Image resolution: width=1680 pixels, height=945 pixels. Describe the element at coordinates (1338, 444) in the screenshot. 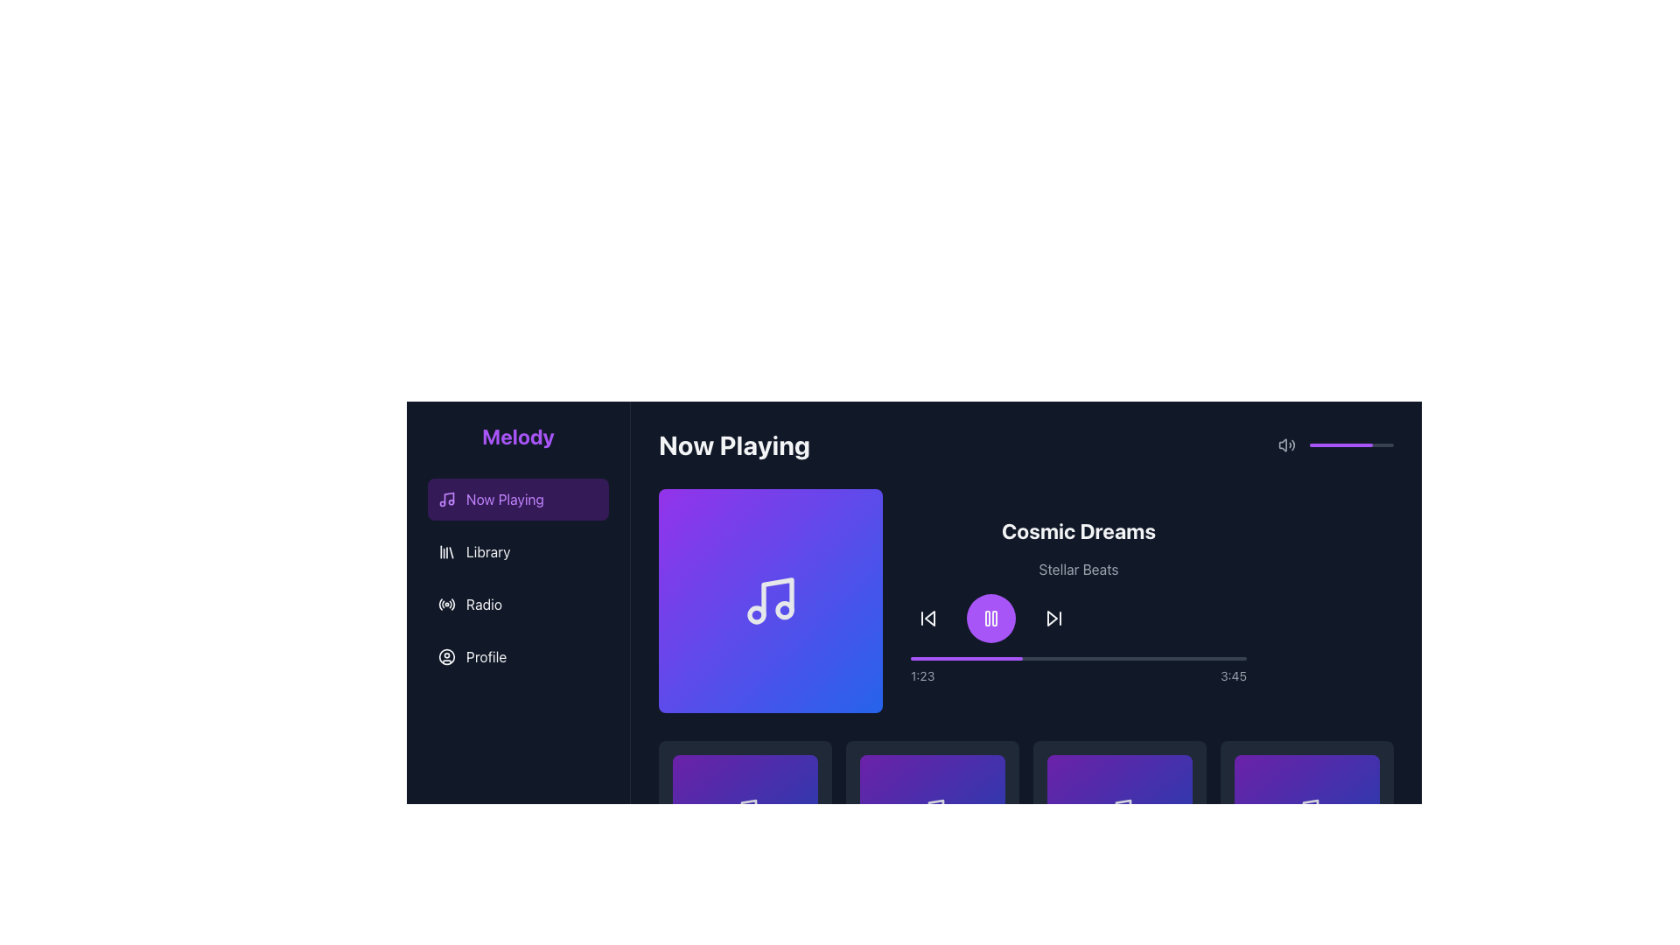

I see `the slider` at that location.